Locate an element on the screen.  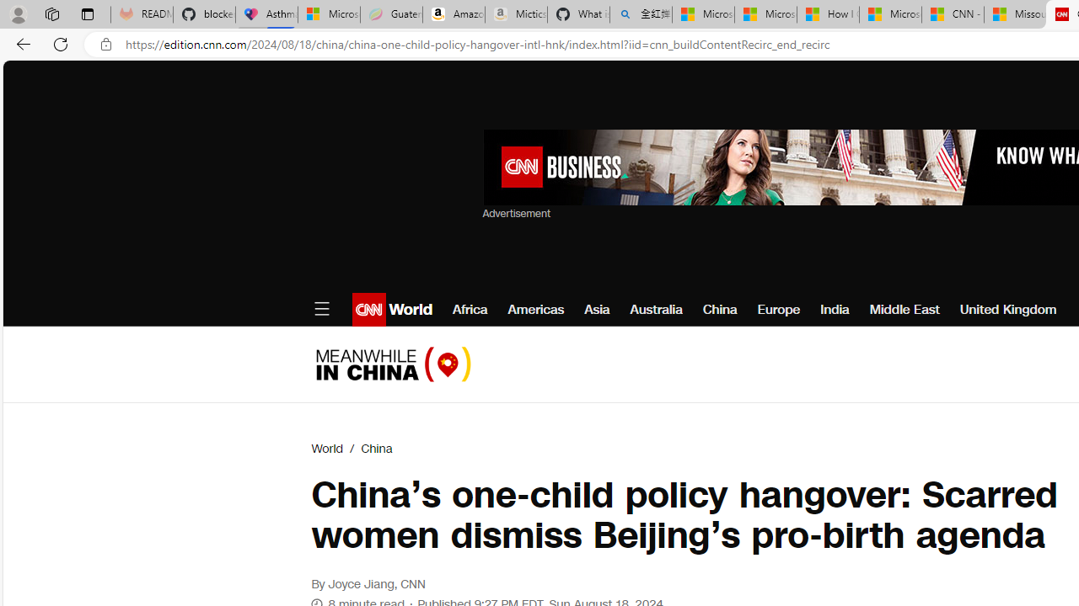
'Asia' is located at coordinates (597, 309).